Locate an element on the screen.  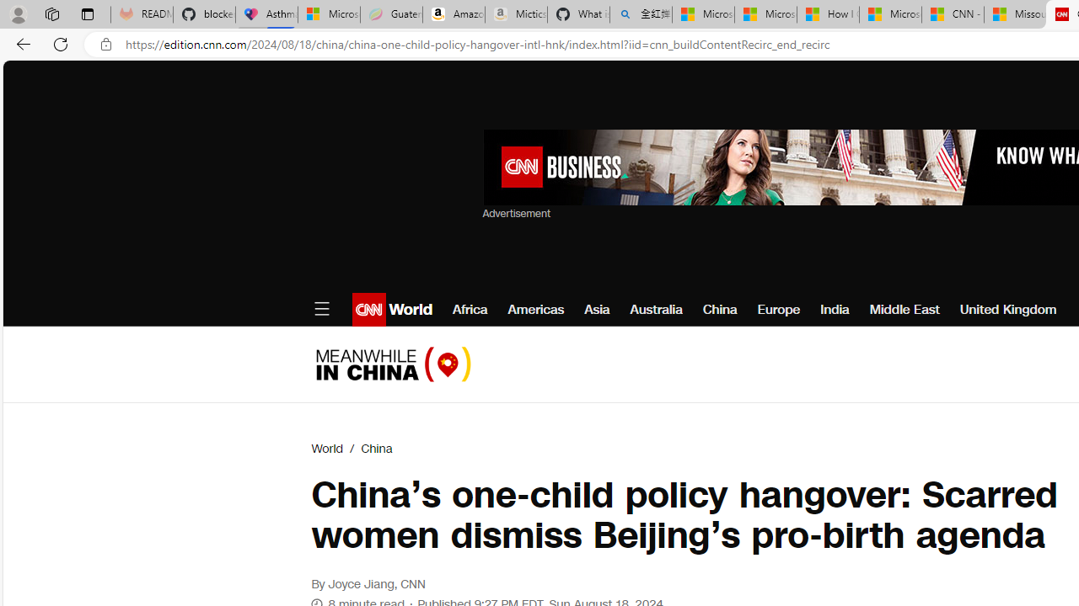
'Asia' is located at coordinates (597, 309).